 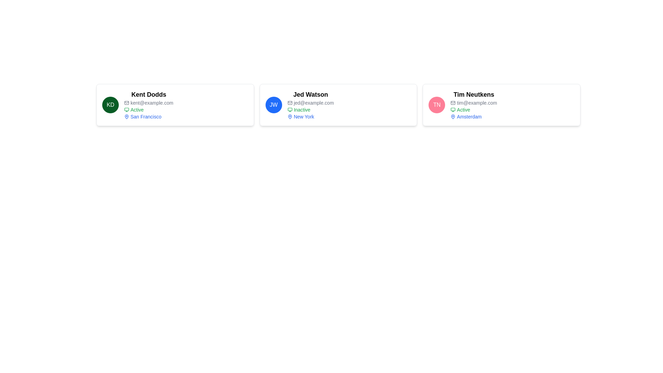 I want to click on the visual appearance of the location marker icon that represents the user's location next to the 'New York' text in the third card associated with 'Jed Watson', so click(x=290, y=116).